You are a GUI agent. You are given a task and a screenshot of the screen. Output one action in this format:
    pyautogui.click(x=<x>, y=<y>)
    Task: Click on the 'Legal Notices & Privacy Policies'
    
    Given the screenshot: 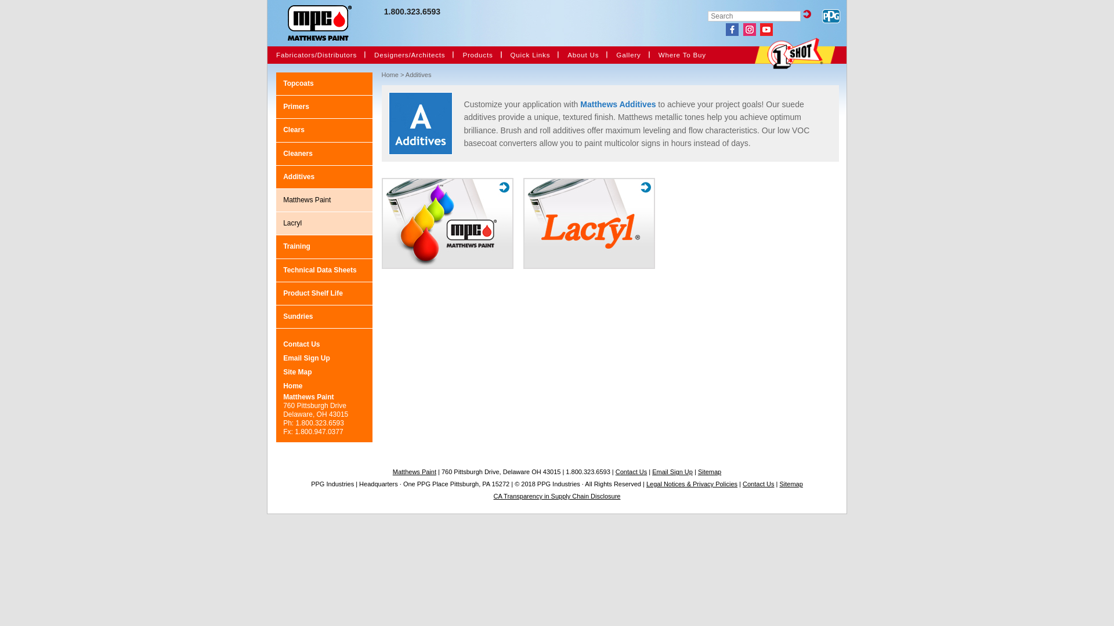 What is the action you would take?
    pyautogui.click(x=645, y=483)
    